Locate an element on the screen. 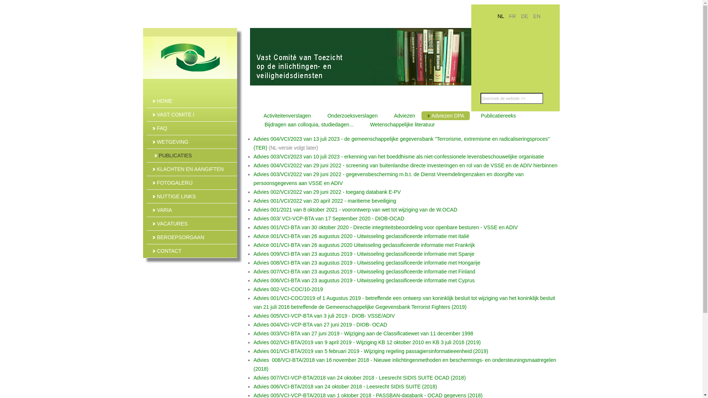 The width and height of the screenshot is (708, 398). 'FOTOGALERIJ' is located at coordinates (192, 182).